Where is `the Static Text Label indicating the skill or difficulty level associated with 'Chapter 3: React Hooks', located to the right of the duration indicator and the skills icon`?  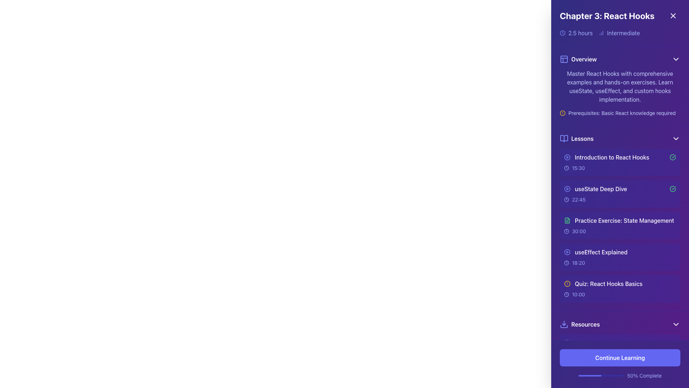
the Static Text Label indicating the skill or difficulty level associated with 'Chapter 3: React Hooks', located to the right of the duration indicator and the skills icon is located at coordinates (623, 33).